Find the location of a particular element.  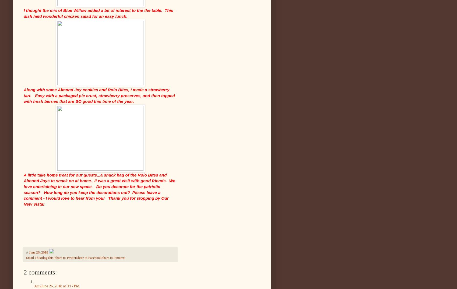

'Share to Pinterest' is located at coordinates (113, 258).